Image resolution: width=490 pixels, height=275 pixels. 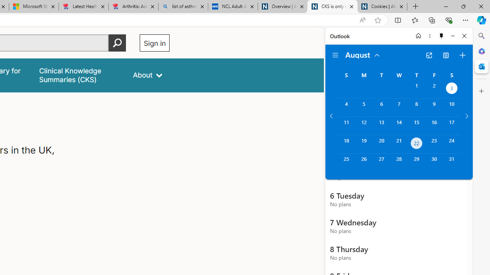 What do you see at coordinates (363, 54) in the screenshot?
I see `'August'` at bounding box center [363, 54].